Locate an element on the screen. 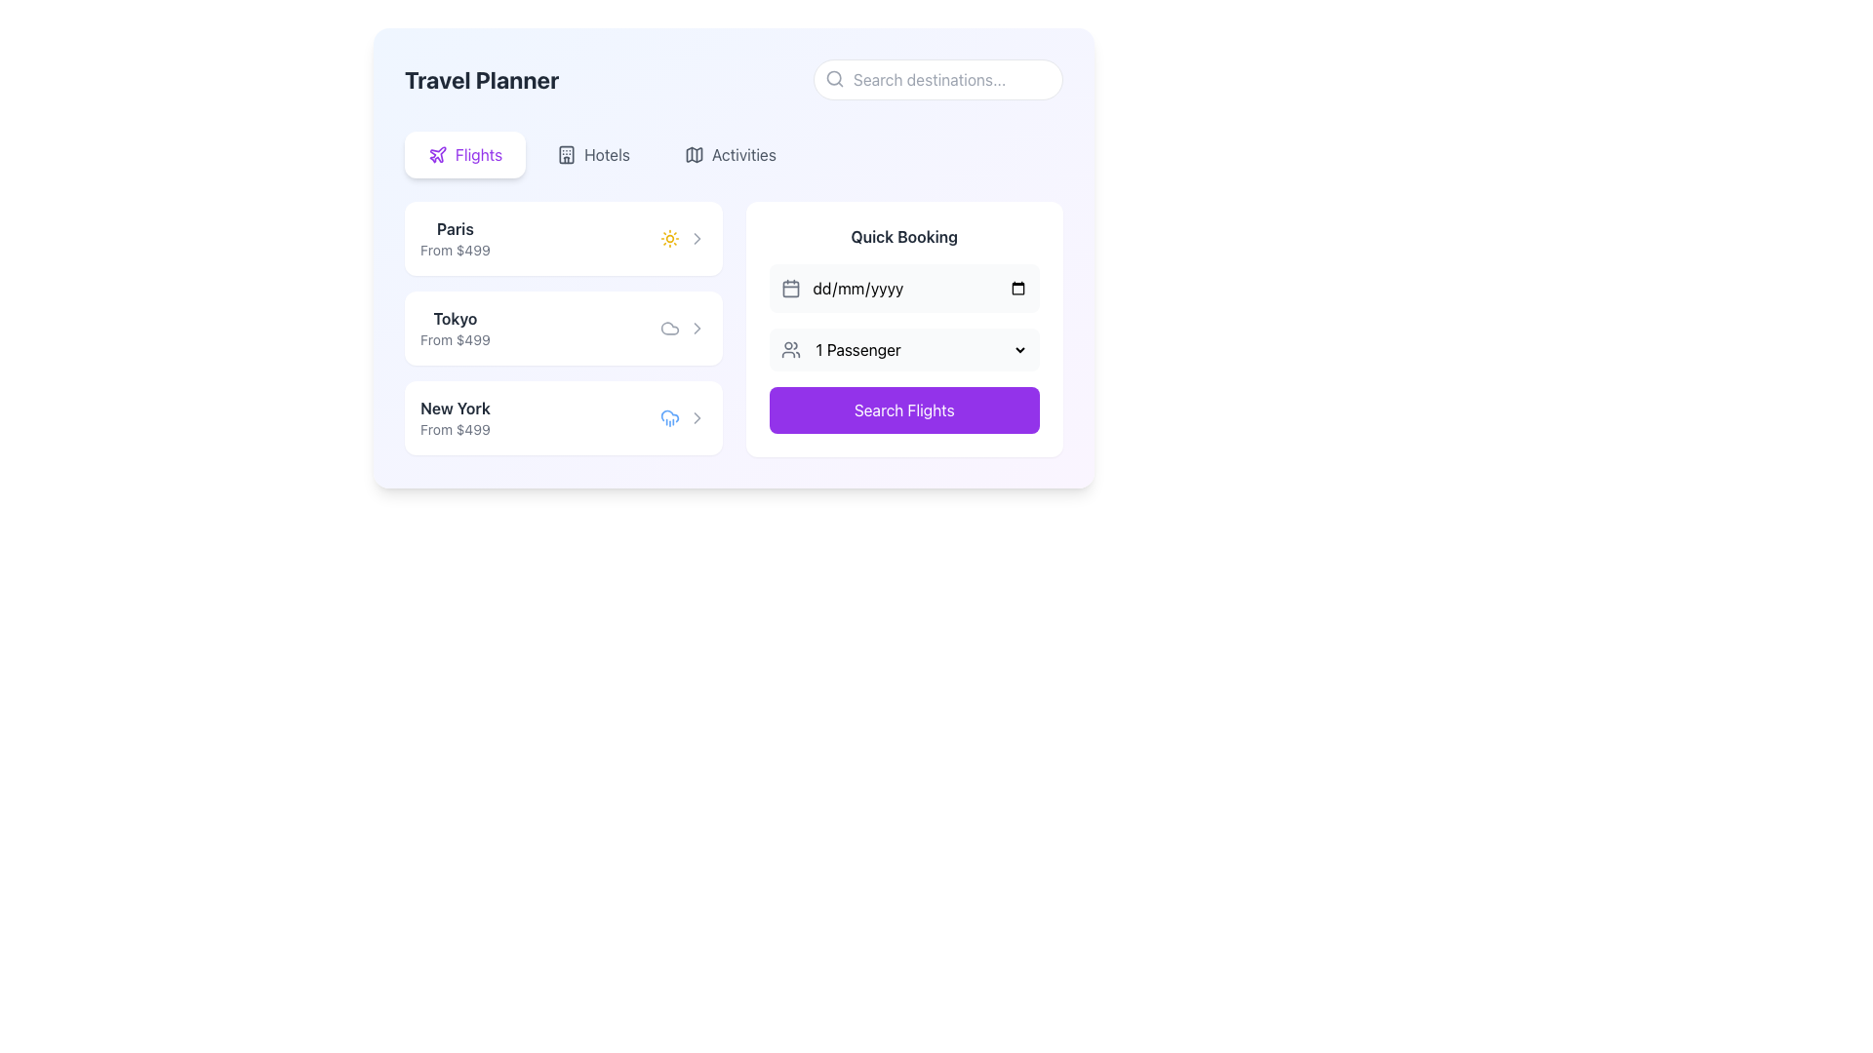  the weather representation icon and chevron located on the rightmost side of the 'New York, From $499' row in the 'Travel Planner' interface is located at coordinates (683, 416).